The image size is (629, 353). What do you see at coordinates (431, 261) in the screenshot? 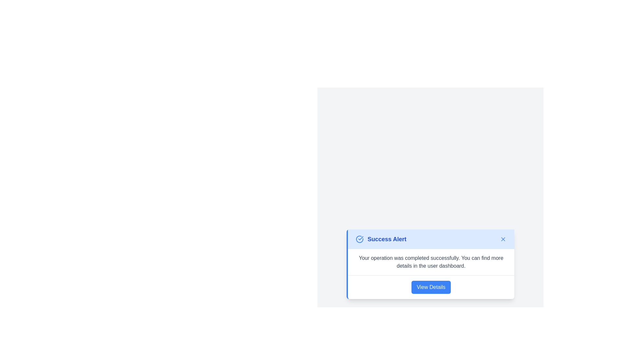
I see `the static text block styled in gray that reads 'Your operation was completed successfully. You can find more details in the user dashboard.' which is displayed inside the light blue 'Success Alert' box` at bounding box center [431, 261].